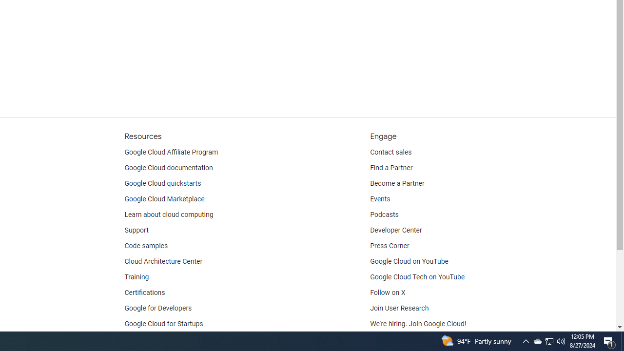 Image resolution: width=624 pixels, height=351 pixels. What do you see at coordinates (136, 231) in the screenshot?
I see `'Support'` at bounding box center [136, 231].